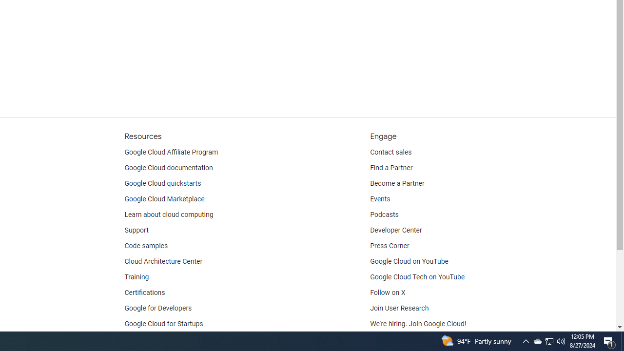 Image resolution: width=624 pixels, height=351 pixels. What do you see at coordinates (136, 231) in the screenshot?
I see `'Support'` at bounding box center [136, 231].